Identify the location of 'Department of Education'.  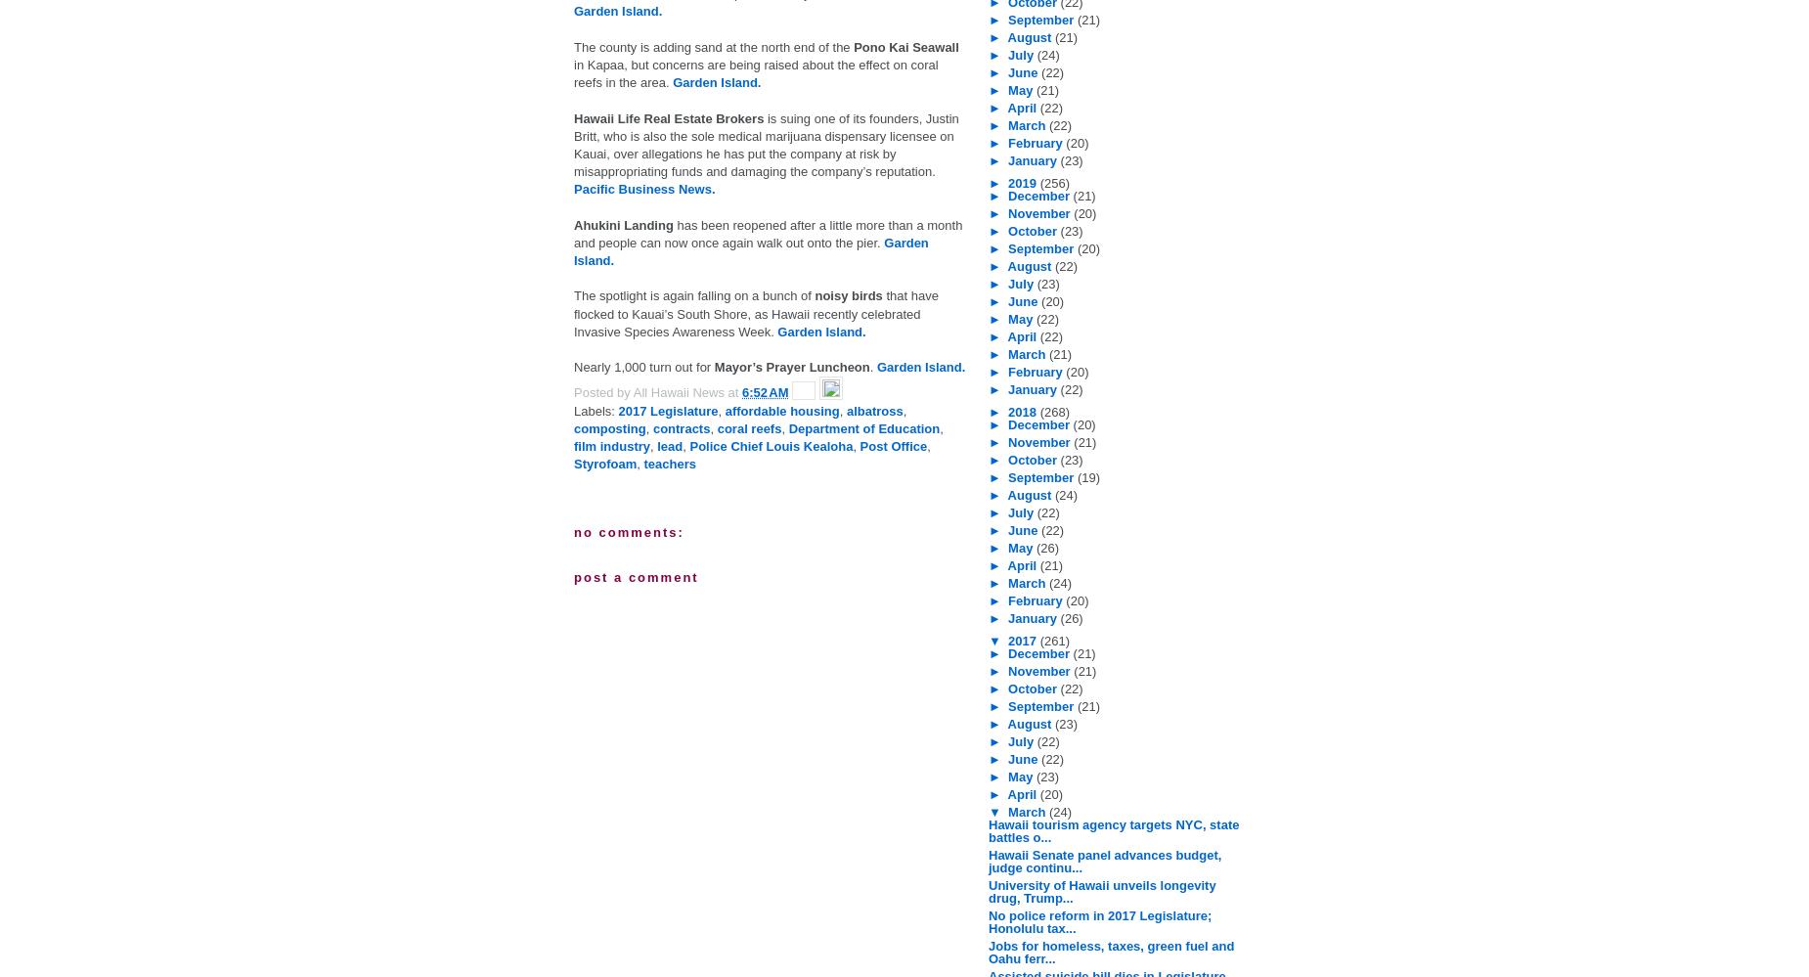
(863, 426).